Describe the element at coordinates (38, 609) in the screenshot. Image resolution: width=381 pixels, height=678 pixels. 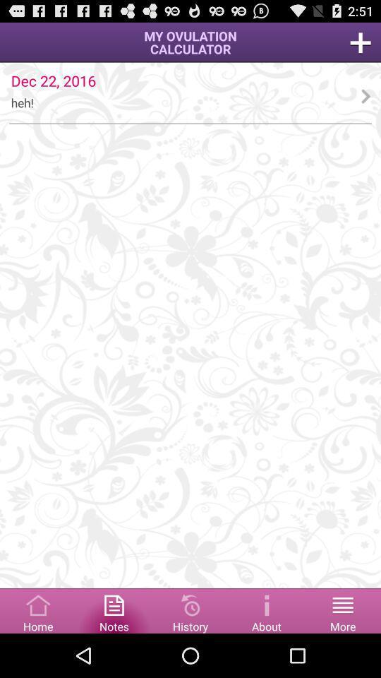
I see `go home` at that location.